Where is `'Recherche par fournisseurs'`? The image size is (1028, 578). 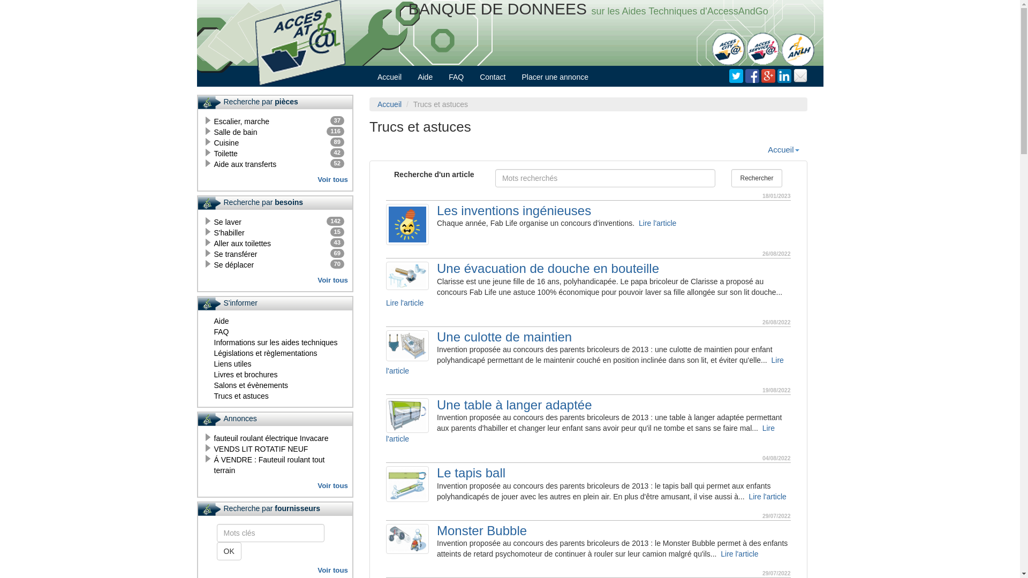
'Recherche par fournisseurs' is located at coordinates (275, 508).